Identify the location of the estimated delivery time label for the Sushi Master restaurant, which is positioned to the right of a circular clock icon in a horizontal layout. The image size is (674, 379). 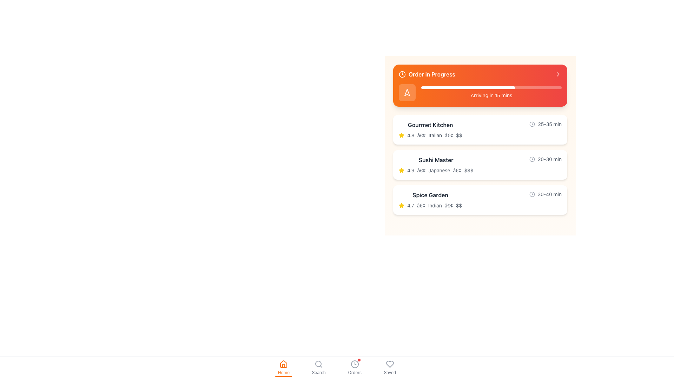
(549, 159).